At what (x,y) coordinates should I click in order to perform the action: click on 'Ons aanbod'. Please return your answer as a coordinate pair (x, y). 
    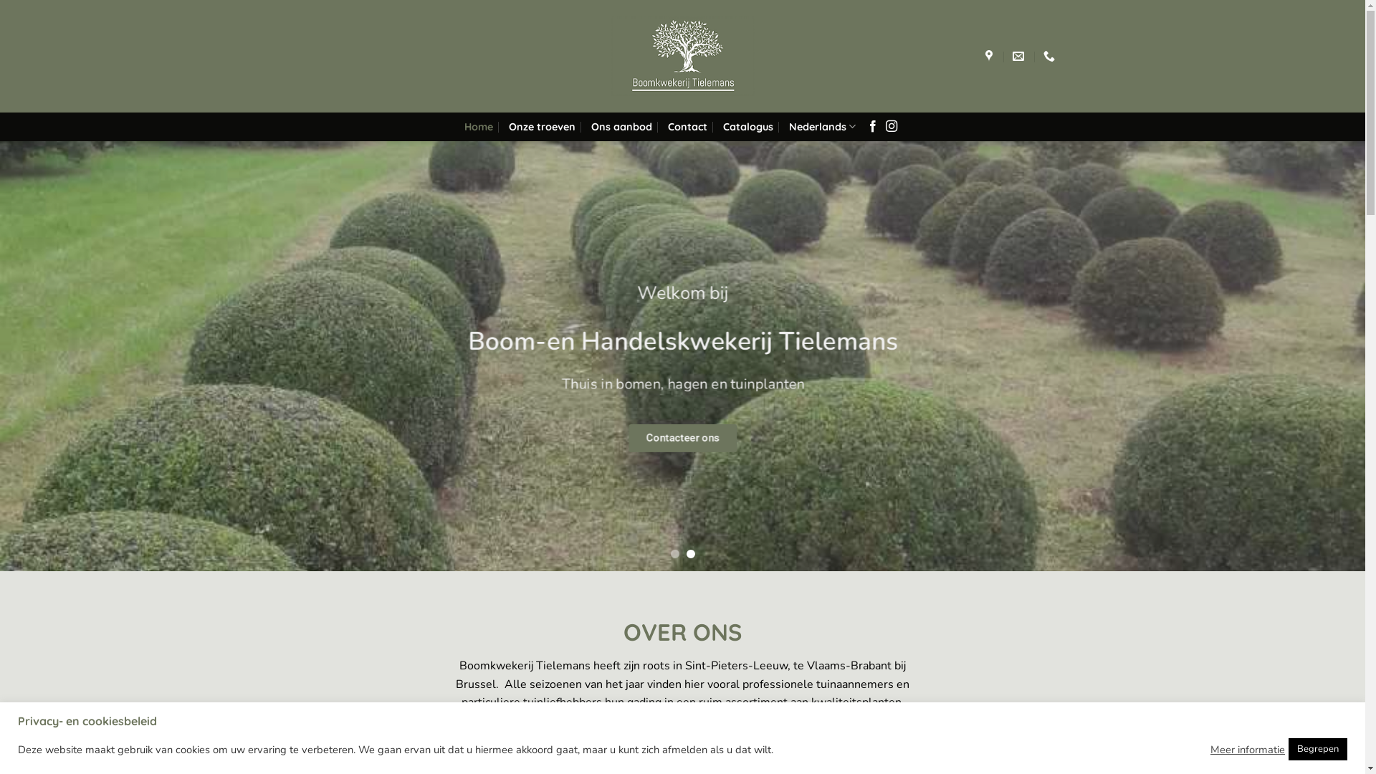
    Looking at the image, I should click on (621, 126).